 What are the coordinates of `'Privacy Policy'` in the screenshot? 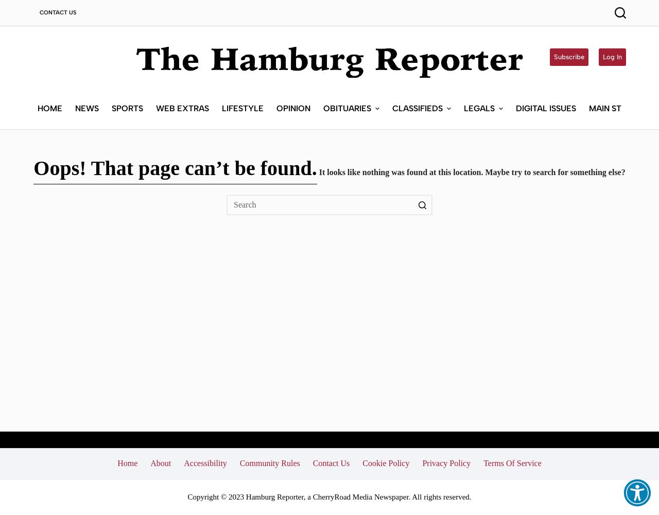 It's located at (446, 462).